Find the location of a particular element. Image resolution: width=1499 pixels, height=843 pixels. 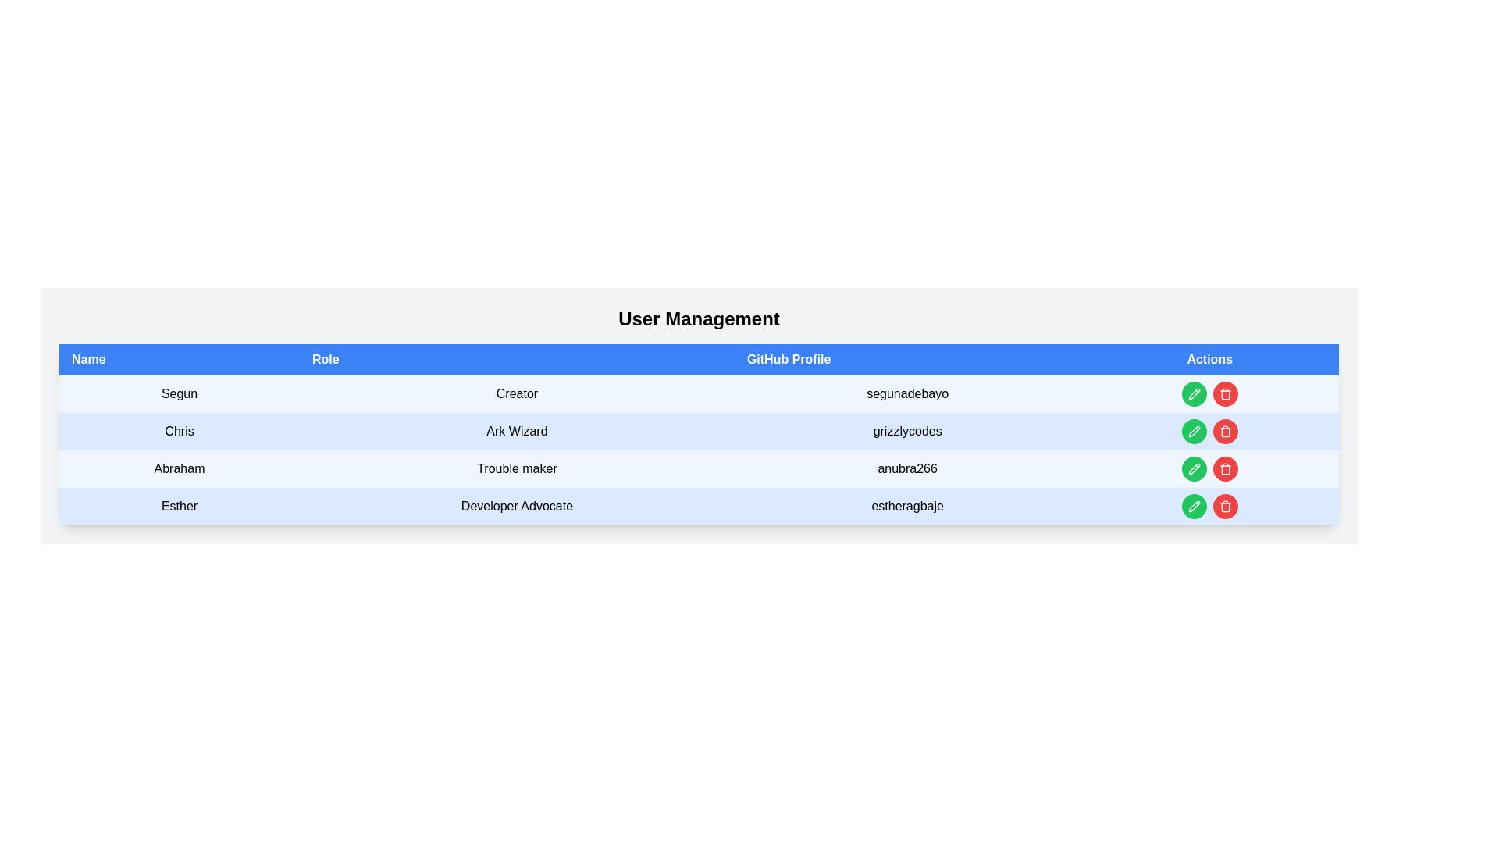

the first row of the user information table displaying details for 'Segun', including their role and GitHub profile is located at coordinates (698, 393).